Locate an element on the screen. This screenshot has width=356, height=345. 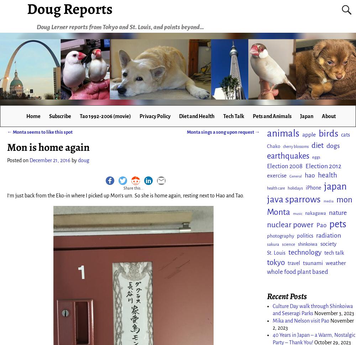
'radiation' is located at coordinates (329, 234).